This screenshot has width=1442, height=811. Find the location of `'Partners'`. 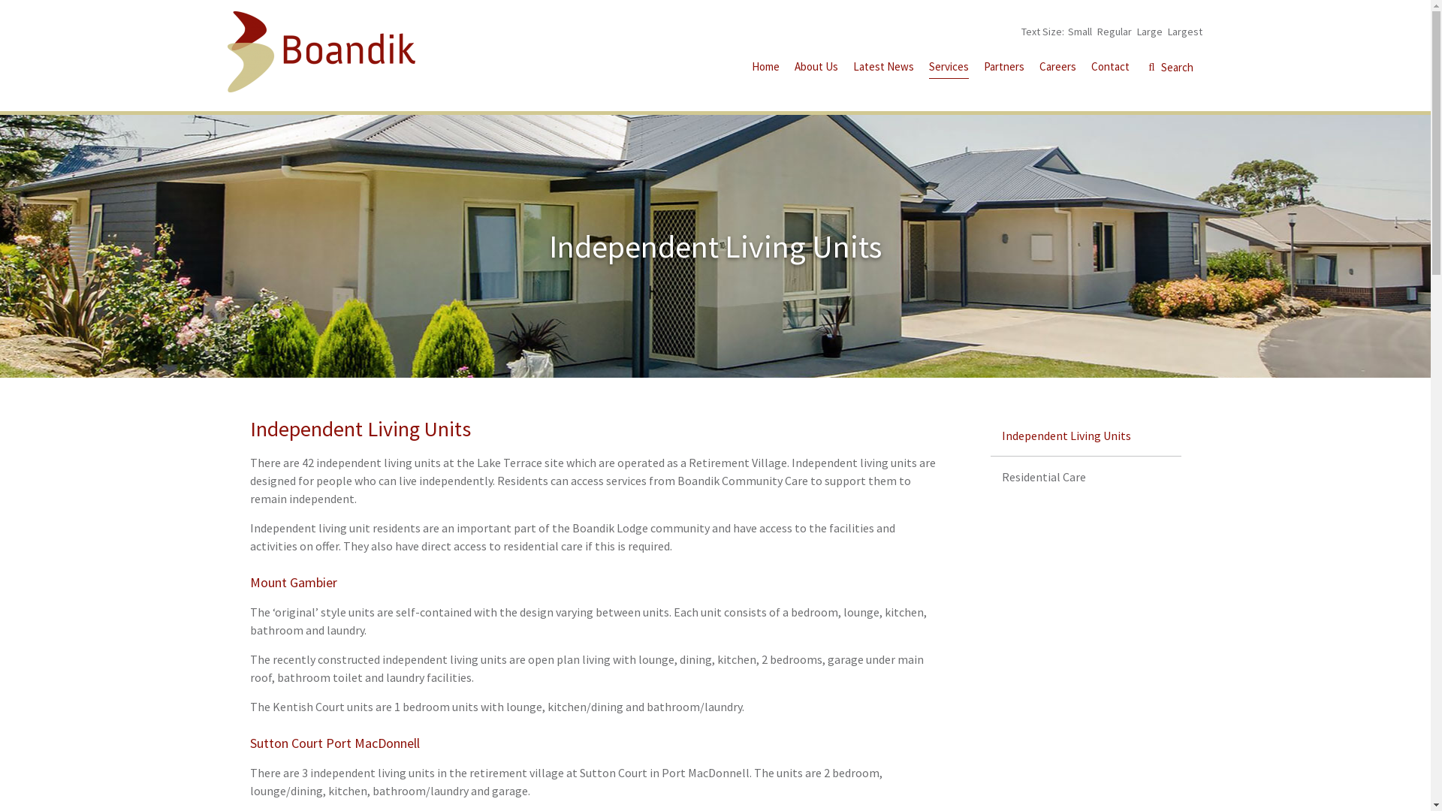

'Partners' is located at coordinates (1004, 68).